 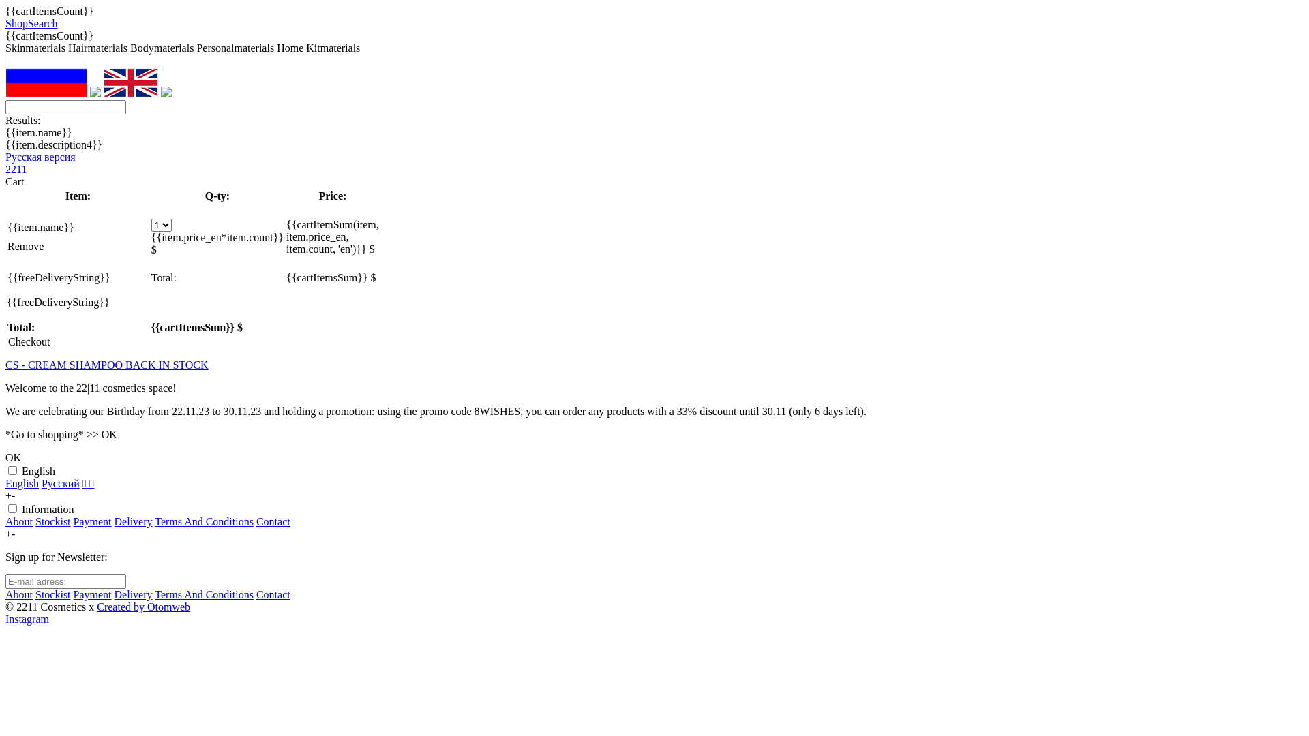 I want to click on 'OK', so click(x=13, y=457).